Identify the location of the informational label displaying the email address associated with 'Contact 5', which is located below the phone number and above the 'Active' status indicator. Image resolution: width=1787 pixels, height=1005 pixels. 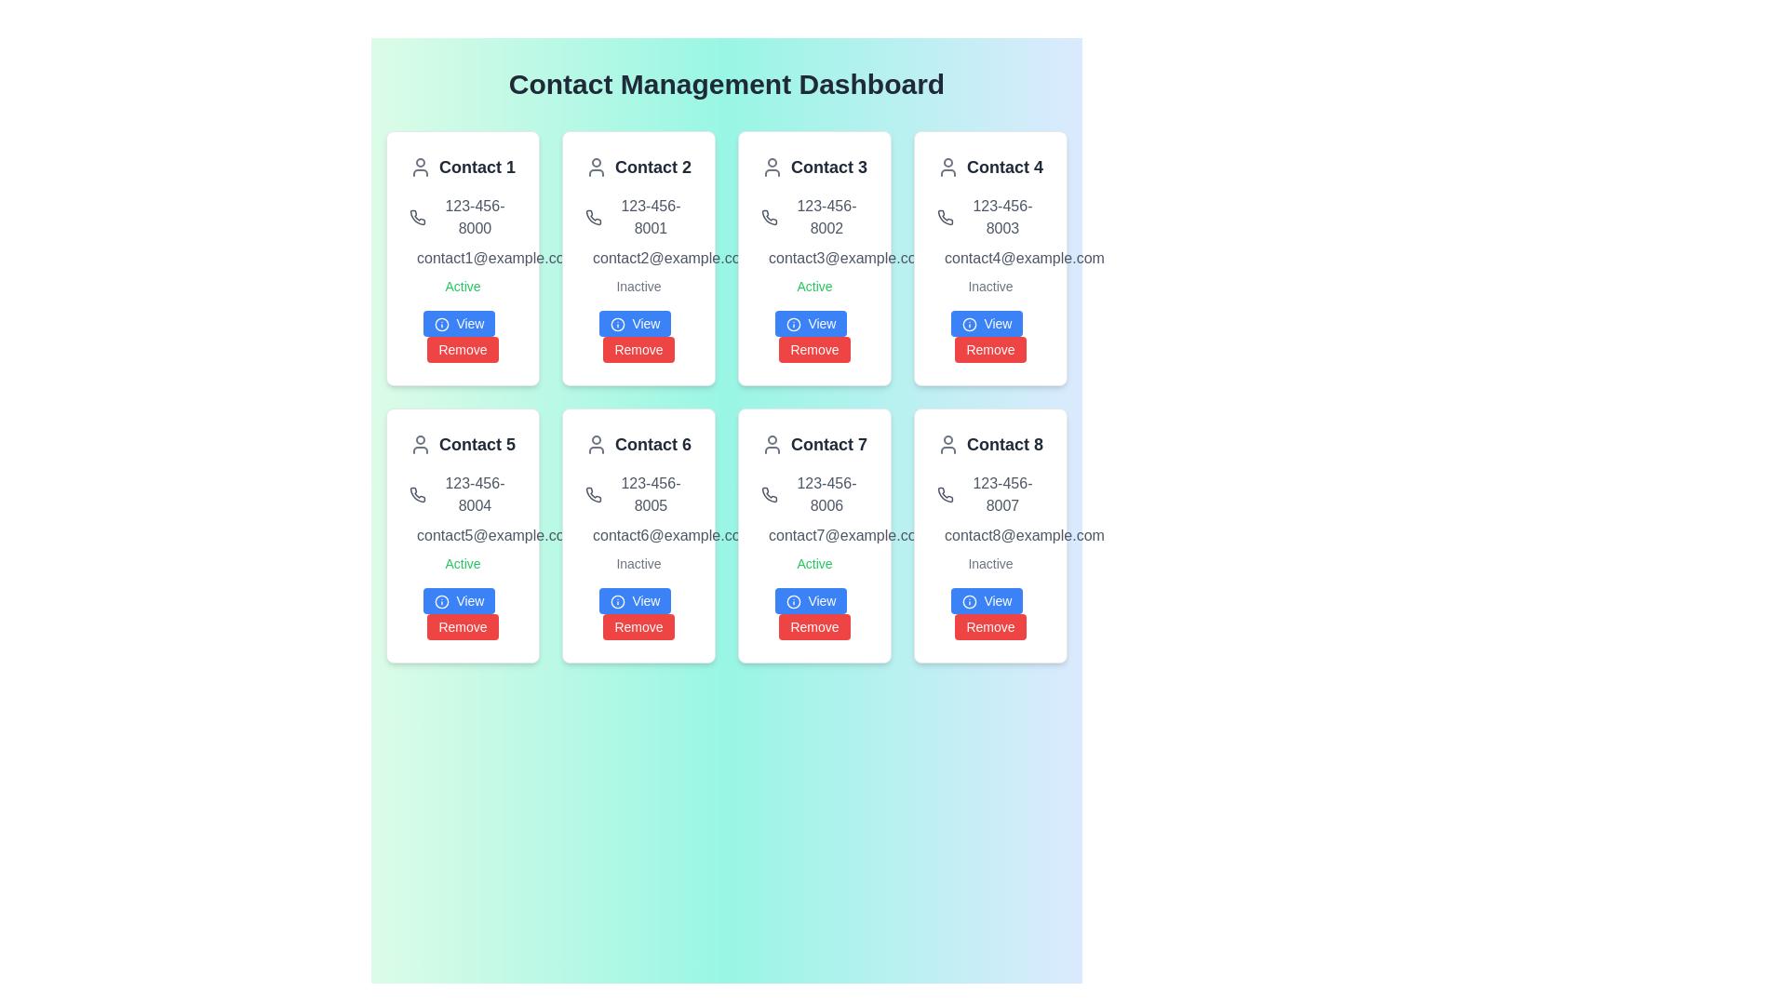
(463, 535).